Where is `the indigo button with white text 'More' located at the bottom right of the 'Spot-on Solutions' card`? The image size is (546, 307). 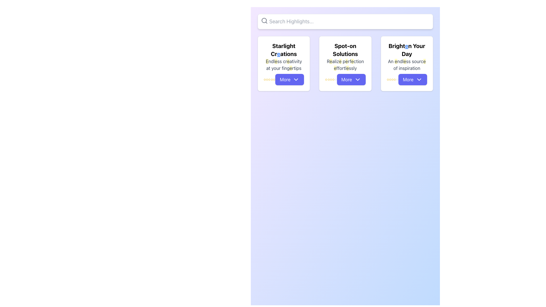 the indigo button with white text 'More' located at the bottom right of the 'Spot-on Solutions' card is located at coordinates (345, 80).